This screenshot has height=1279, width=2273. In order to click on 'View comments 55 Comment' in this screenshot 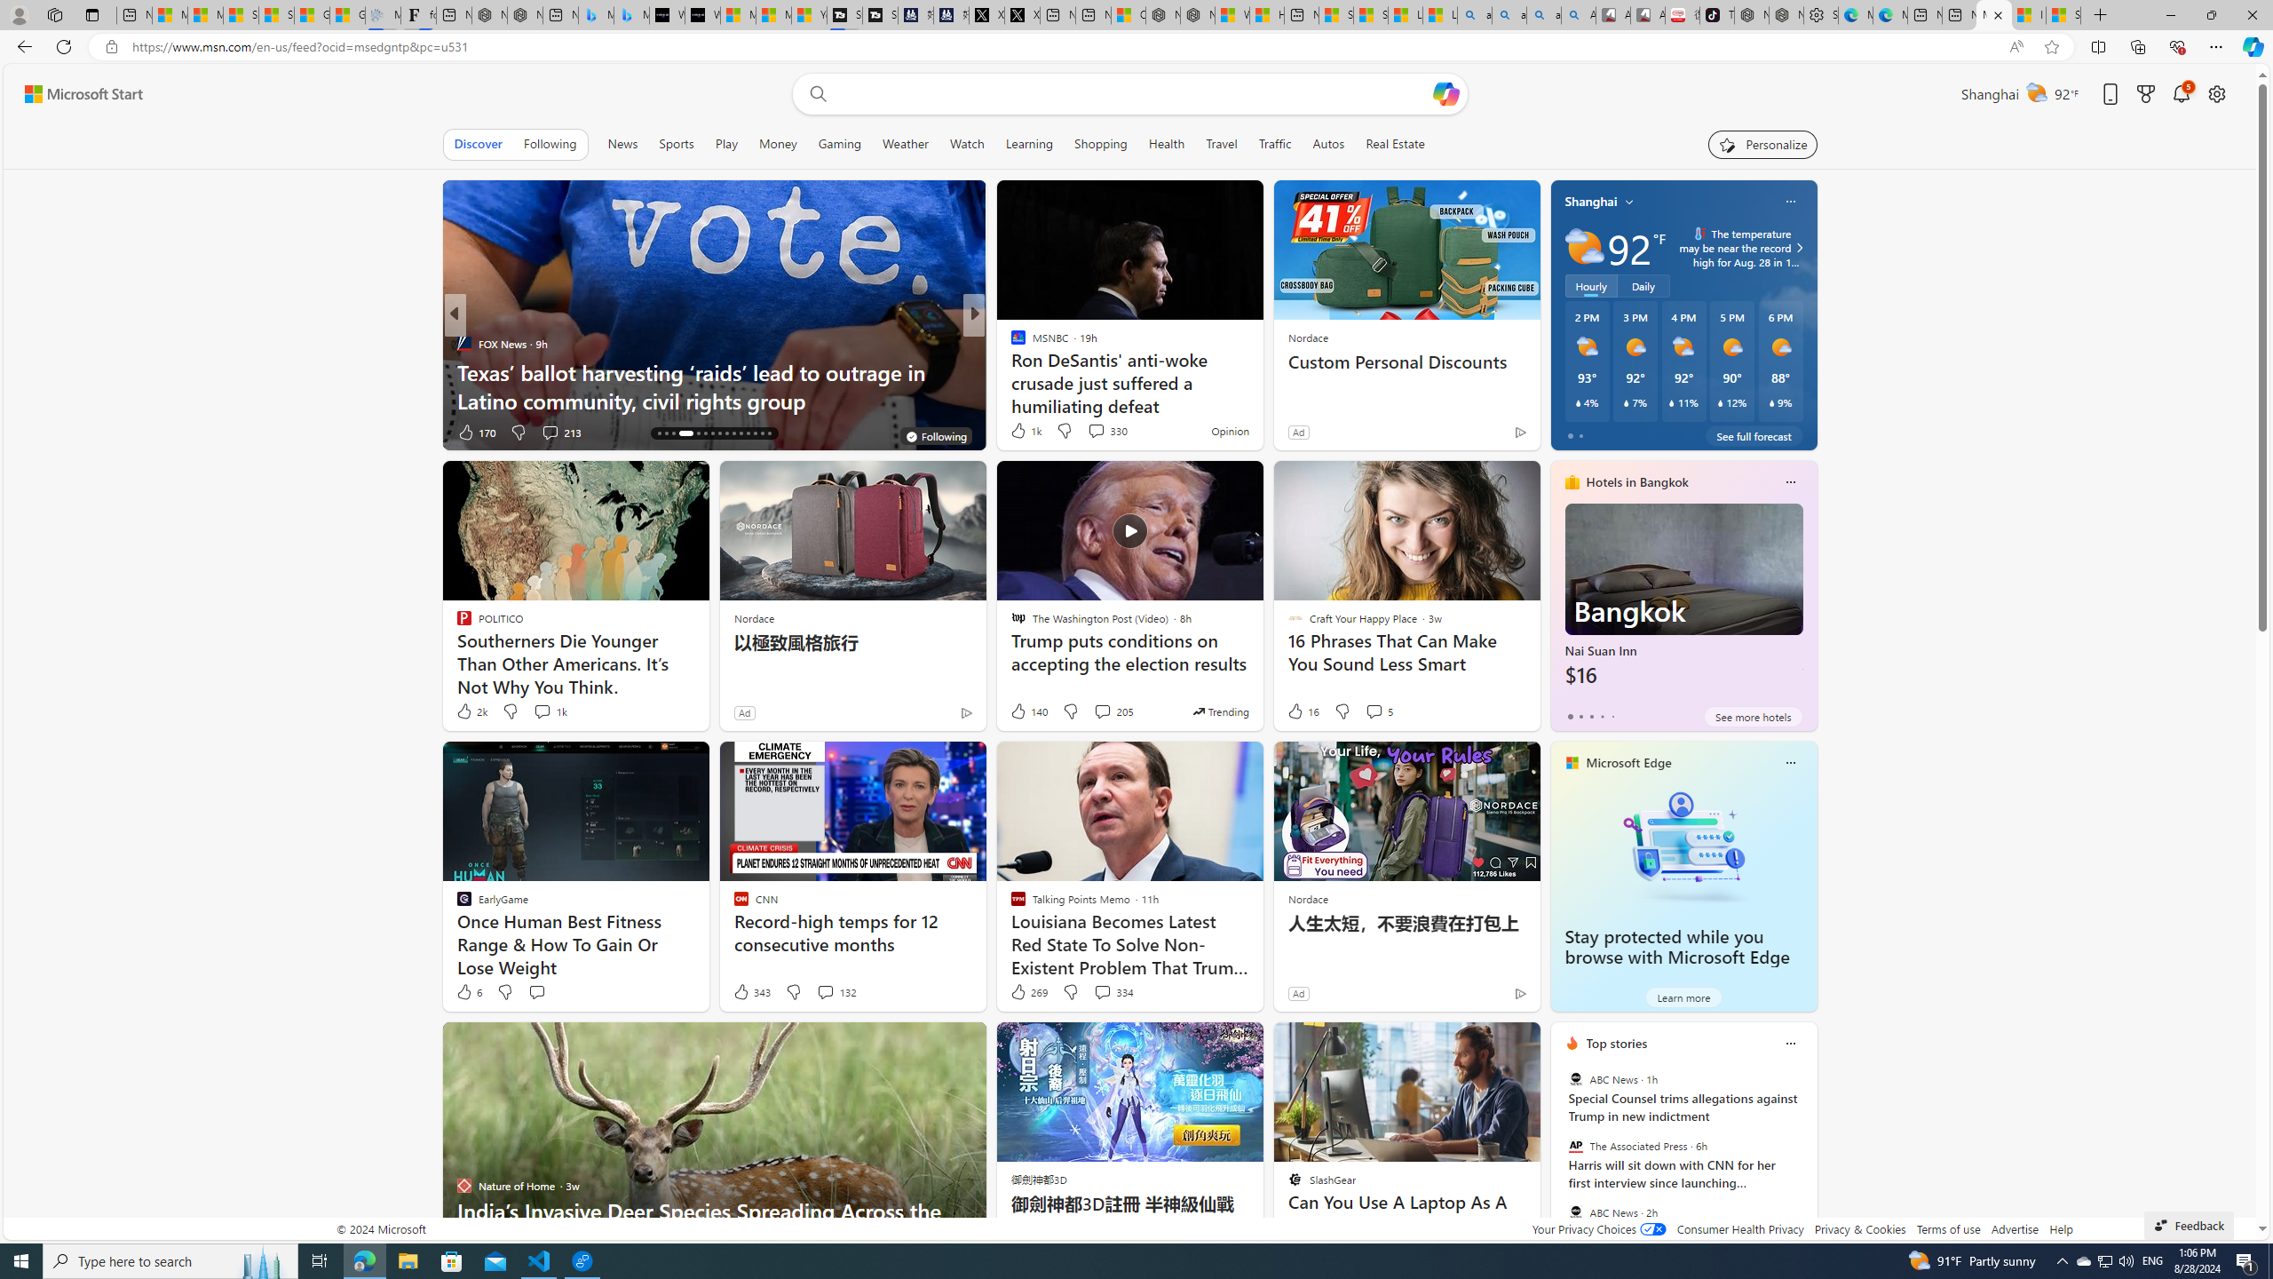, I will do `click(1089, 432)`.